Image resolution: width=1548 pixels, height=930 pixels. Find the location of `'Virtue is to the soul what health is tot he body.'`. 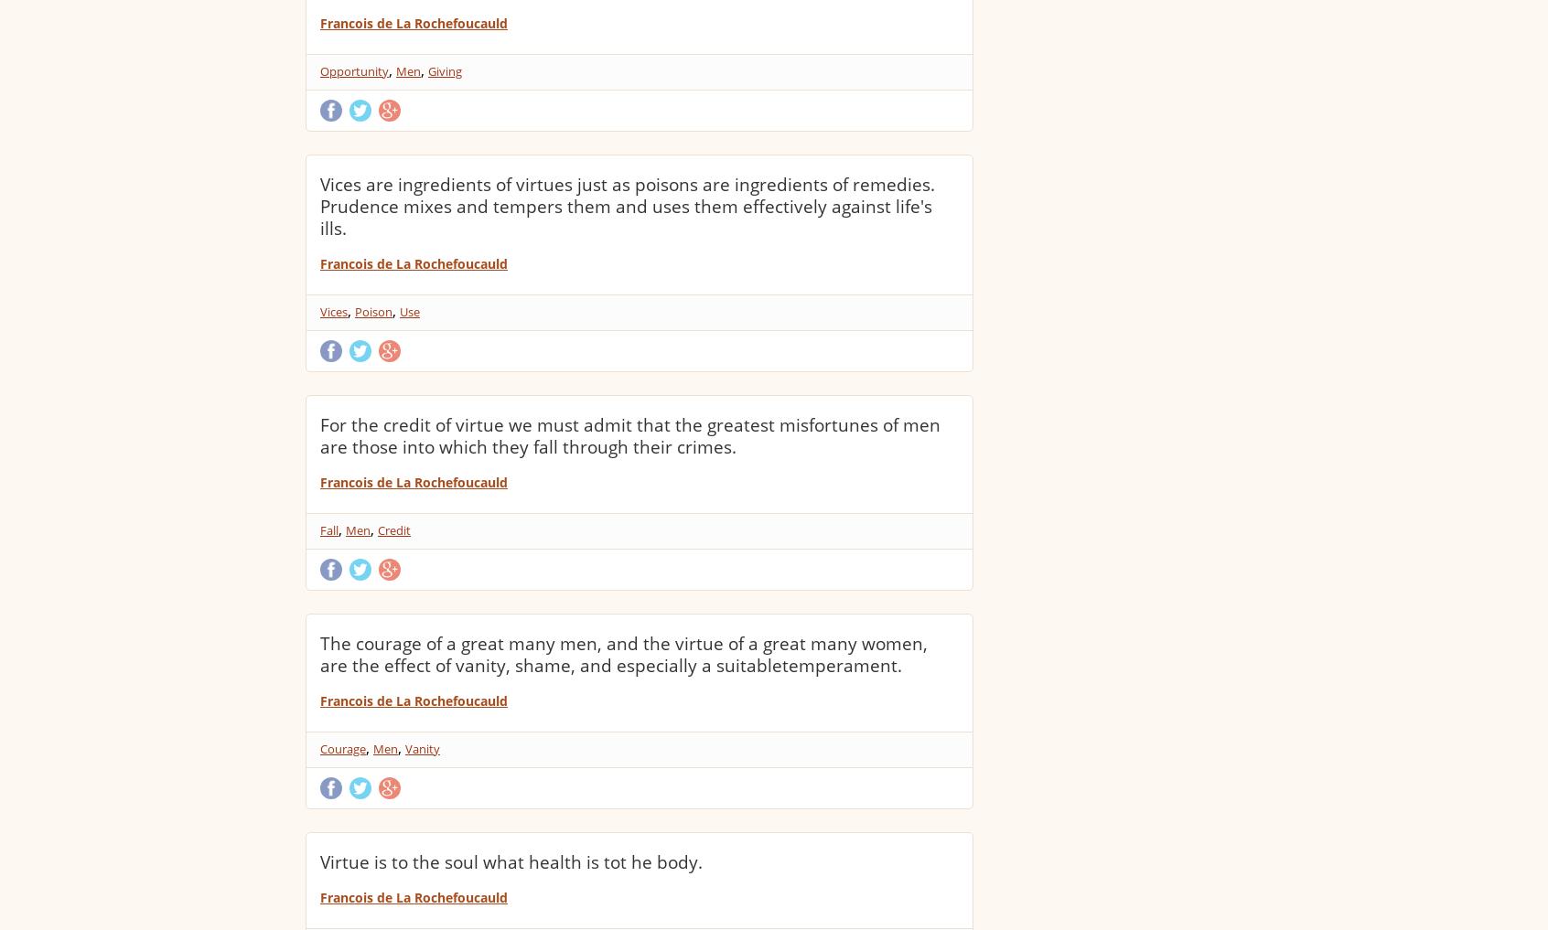

'Virtue is to the soul what health is tot he body.' is located at coordinates (319, 861).